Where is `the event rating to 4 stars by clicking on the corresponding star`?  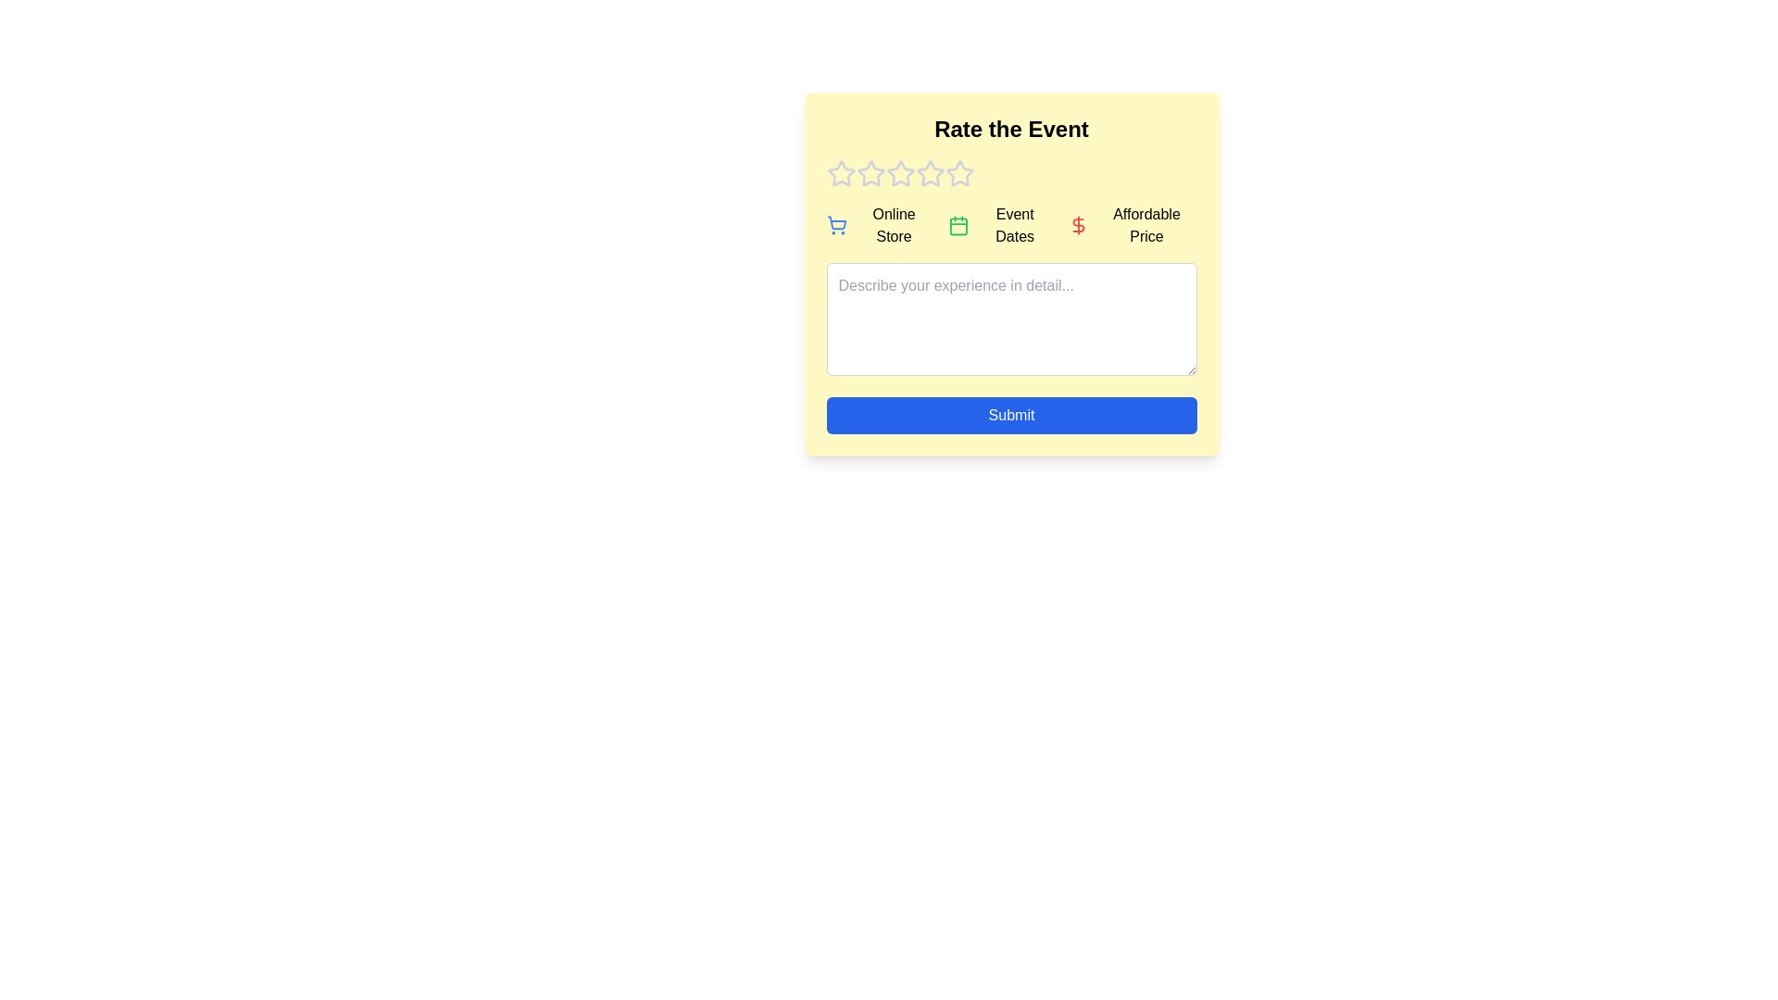
the event rating to 4 stars by clicking on the corresponding star is located at coordinates (930, 174).